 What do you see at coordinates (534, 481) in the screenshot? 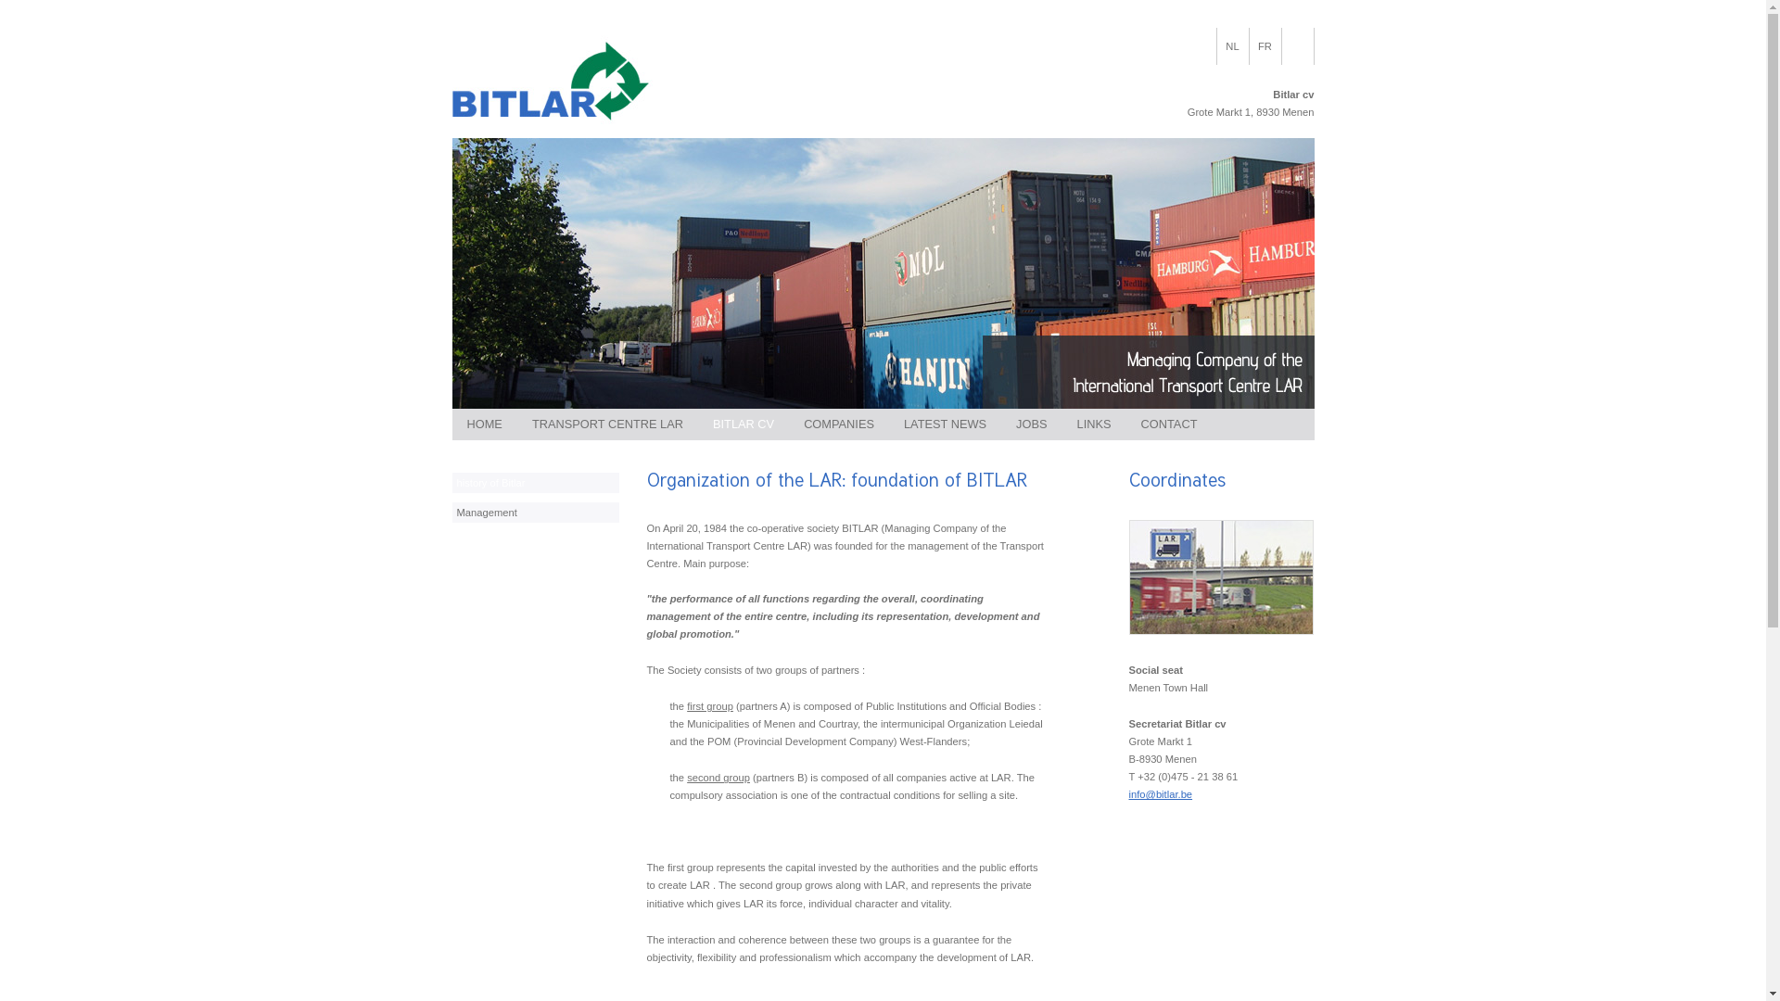
I see `'history of Bitlar'` at bounding box center [534, 481].